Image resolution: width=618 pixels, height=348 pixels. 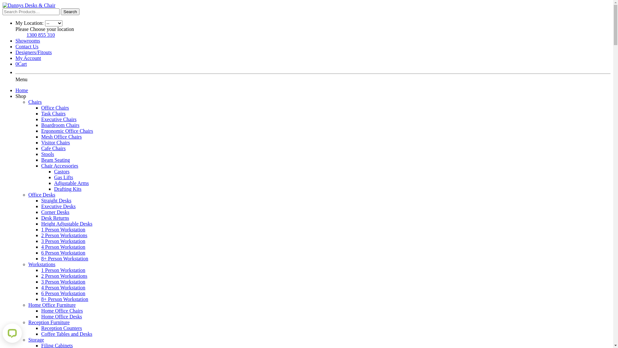 I want to click on 'Storage', so click(x=36, y=339).